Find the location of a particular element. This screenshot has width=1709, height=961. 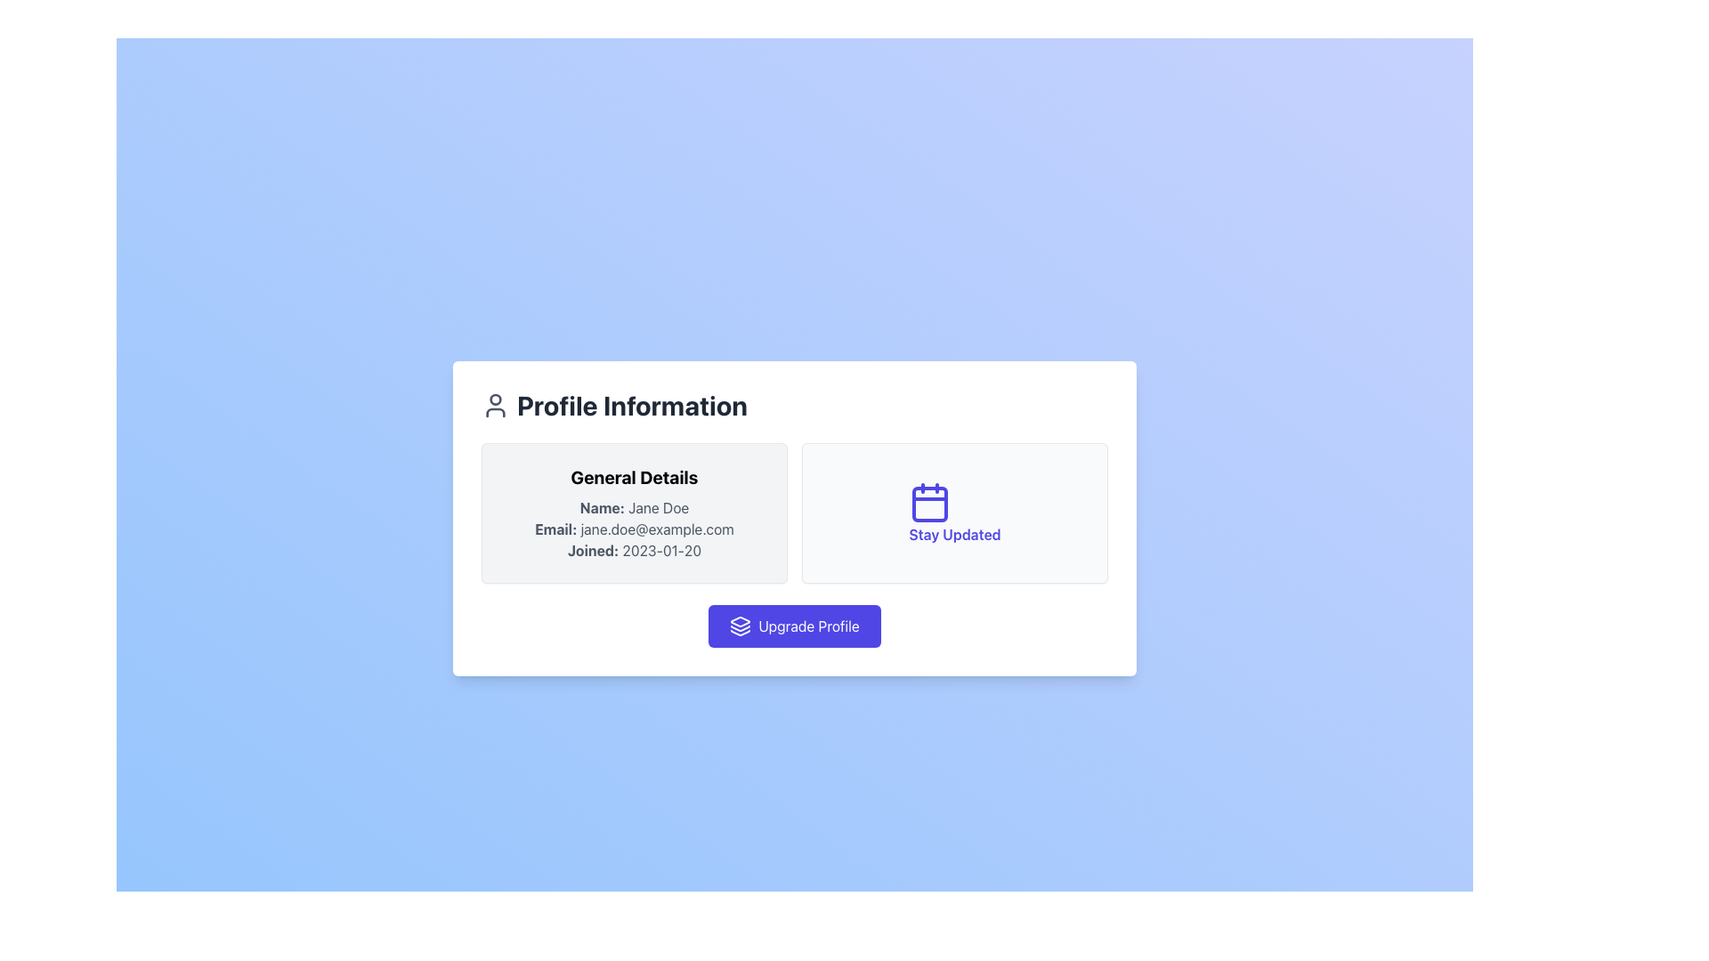

the bold text heading labeled 'General Details' which is centrally aligned at the top of the user information section is located at coordinates (635, 476).